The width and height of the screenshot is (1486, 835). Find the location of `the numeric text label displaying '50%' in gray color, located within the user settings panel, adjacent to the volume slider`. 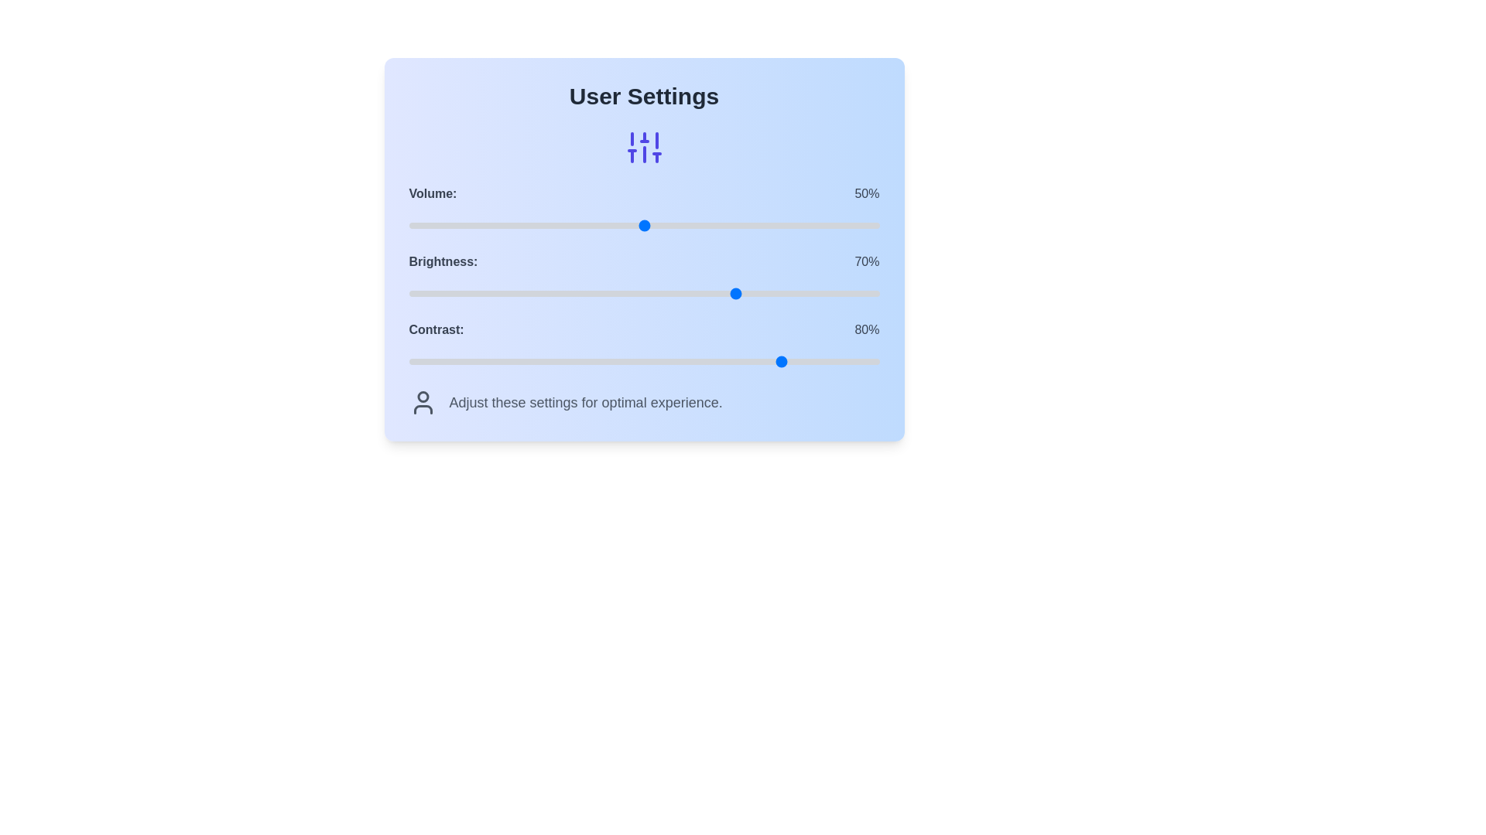

the numeric text label displaying '50%' in gray color, located within the user settings panel, adjacent to the volume slider is located at coordinates (867, 193).